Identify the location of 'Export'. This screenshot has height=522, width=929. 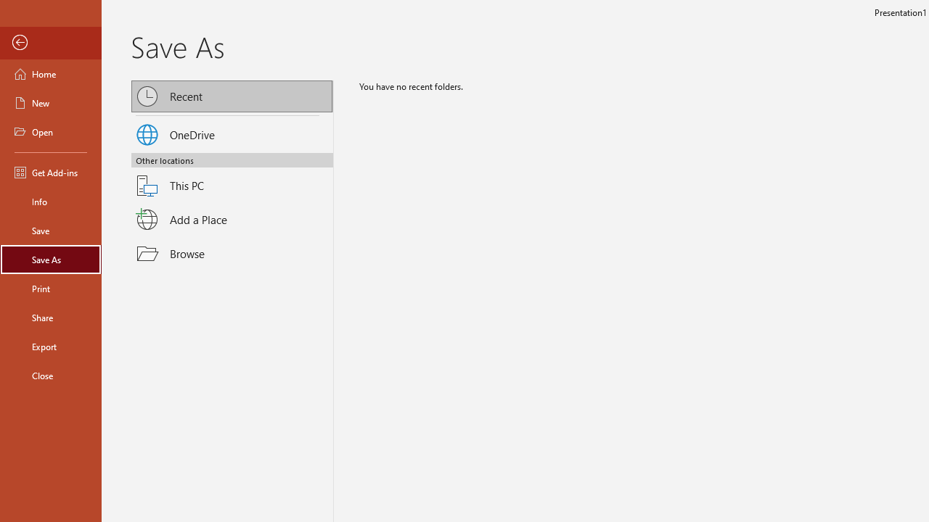
(50, 347).